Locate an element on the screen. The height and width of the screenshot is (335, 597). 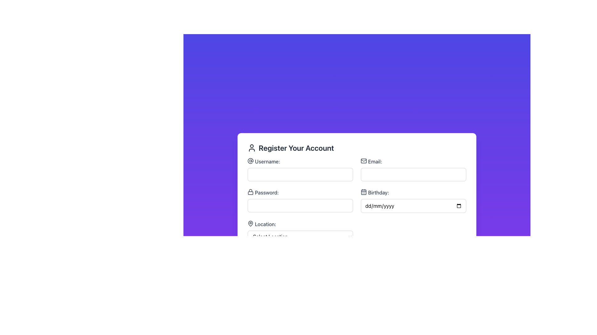
dark-colored decorative SVG rectangle with rounded corners located in the upper-left region of the calendar icon near the 'Birthday' input field in the form is located at coordinates (364, 191).